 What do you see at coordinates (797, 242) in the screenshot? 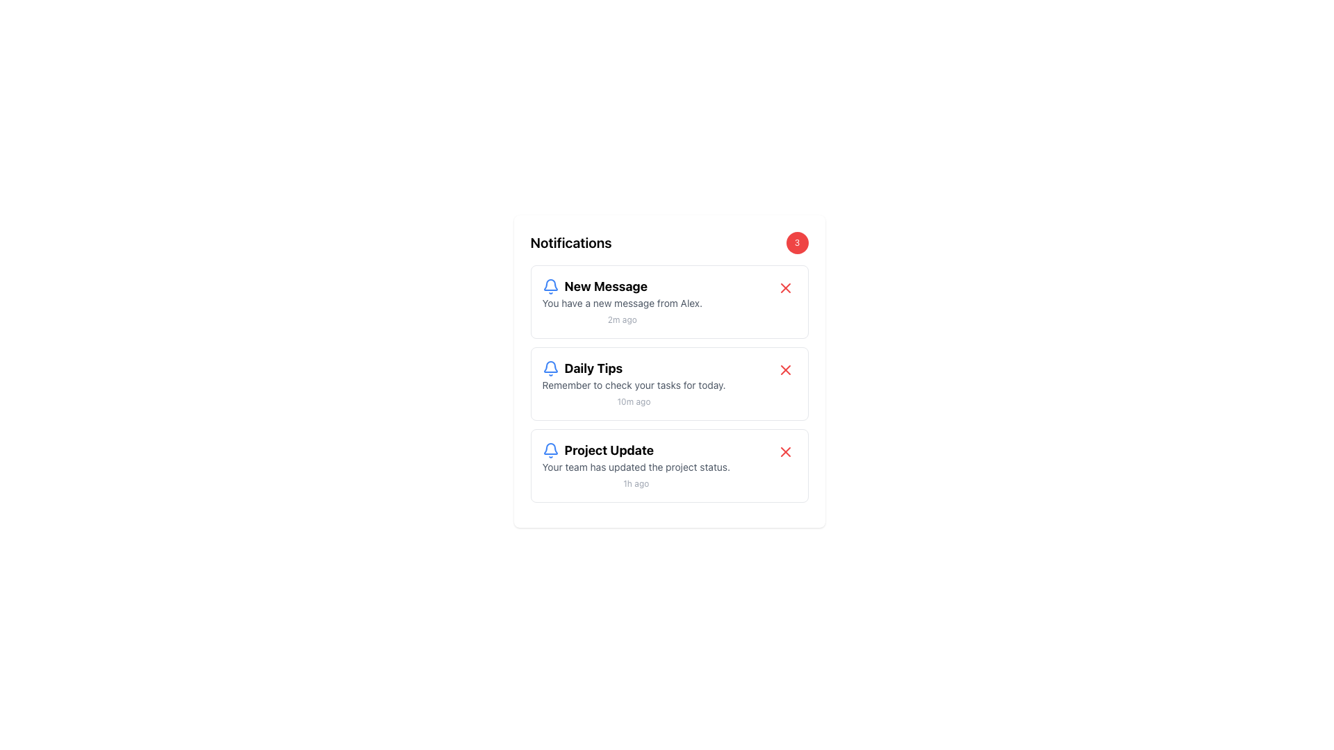
I see `the badge displaying the count of unread or pending notifications located to the right of the 'Notifications' header text in the notifications section` at bounding box center [797, 242].